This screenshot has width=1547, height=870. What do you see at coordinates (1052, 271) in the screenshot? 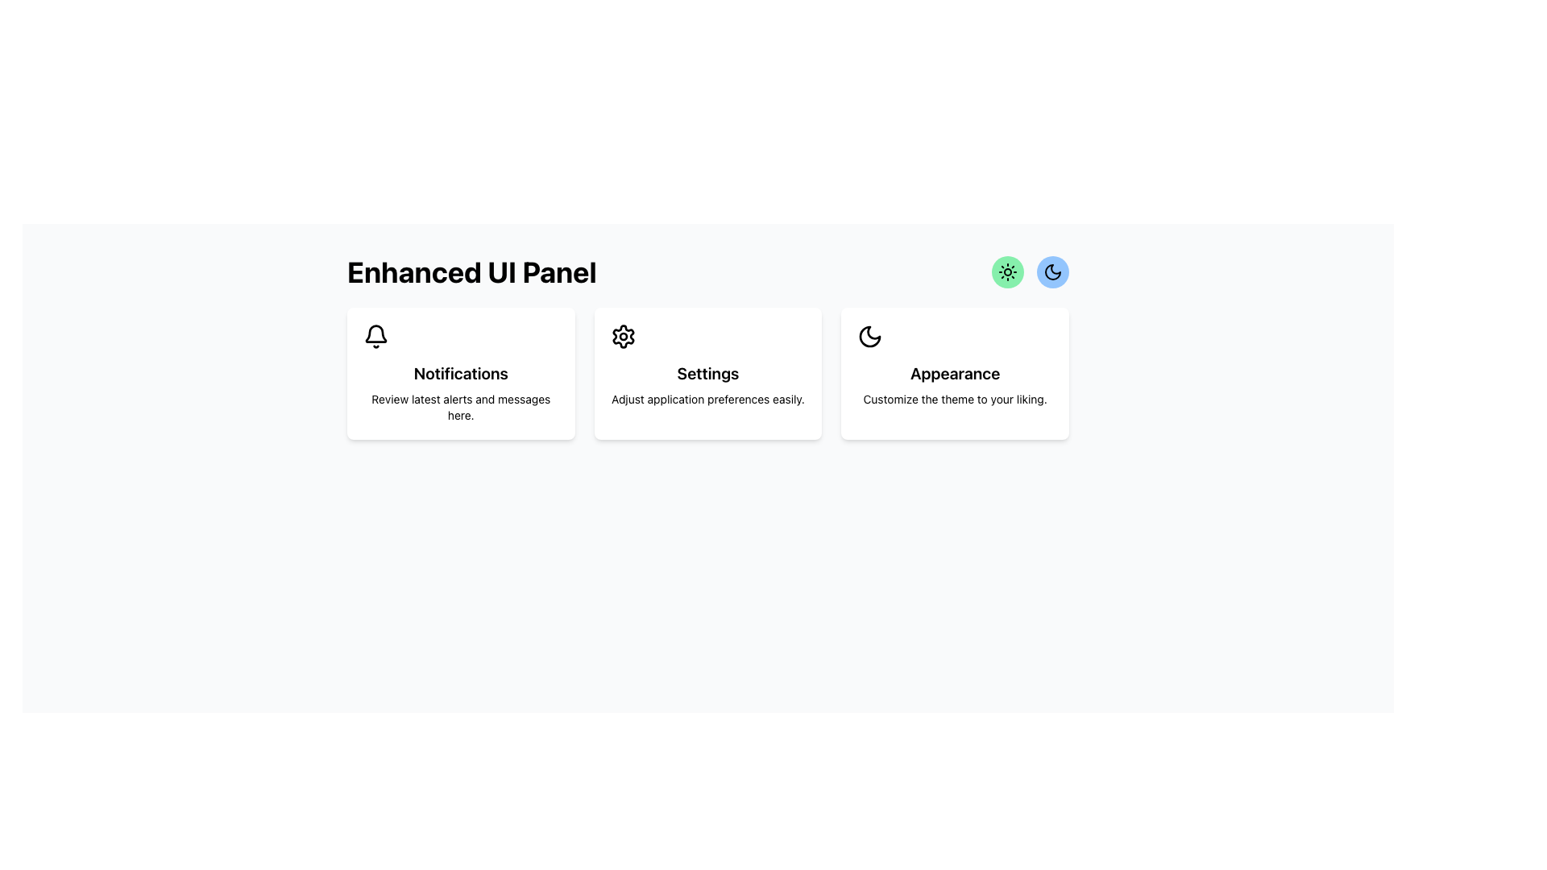
I see `keyboard navigation` at bounding box center [1052, 271].